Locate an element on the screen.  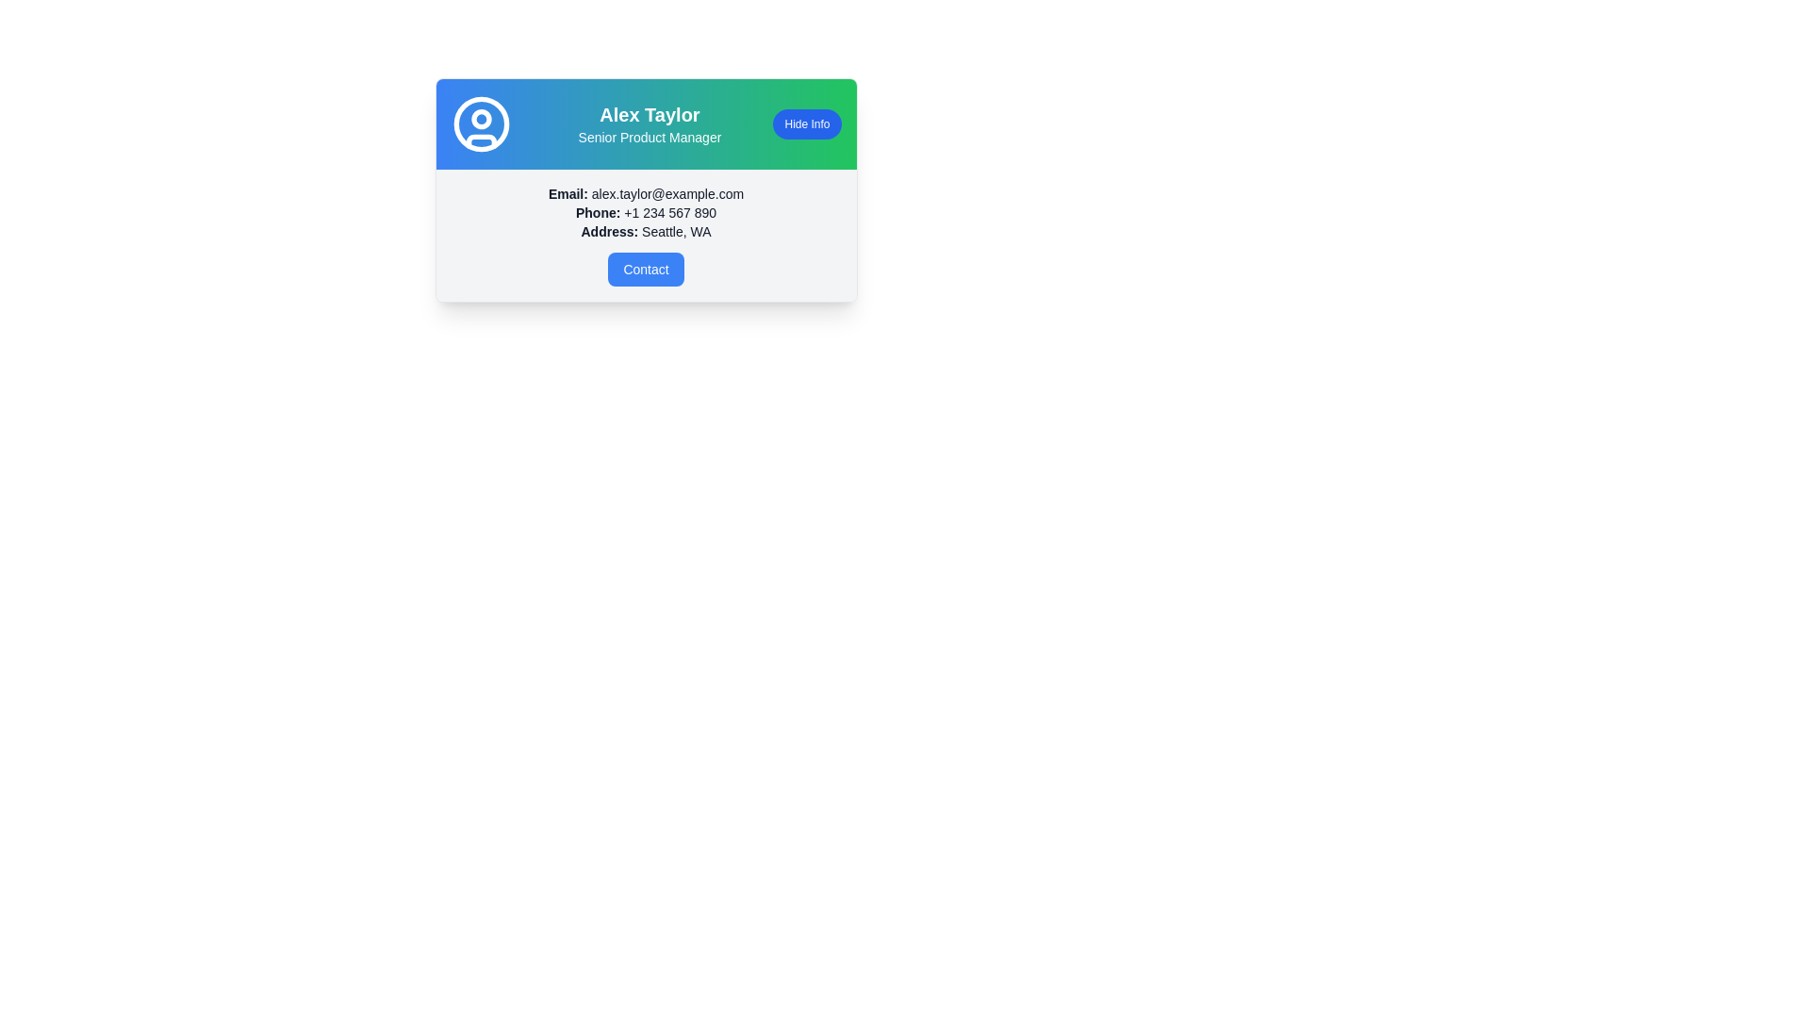
the button that toggles the visibility of additional information related to the user profile for 'Alex Taylor' is located at coordinates (807, 123).